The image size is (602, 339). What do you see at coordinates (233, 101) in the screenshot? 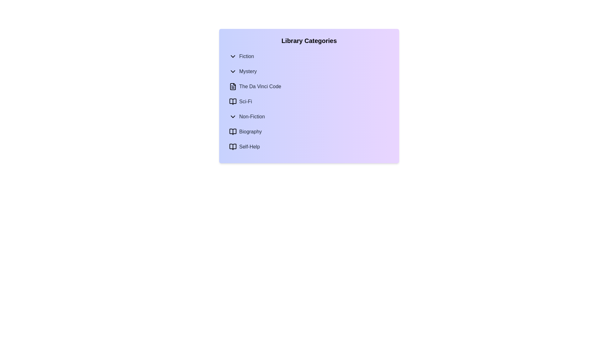
I see `the SVG representation of an open book icon that serves as a visual cue for the 'Sci-Fi' category` at bounding box center [233, 101].